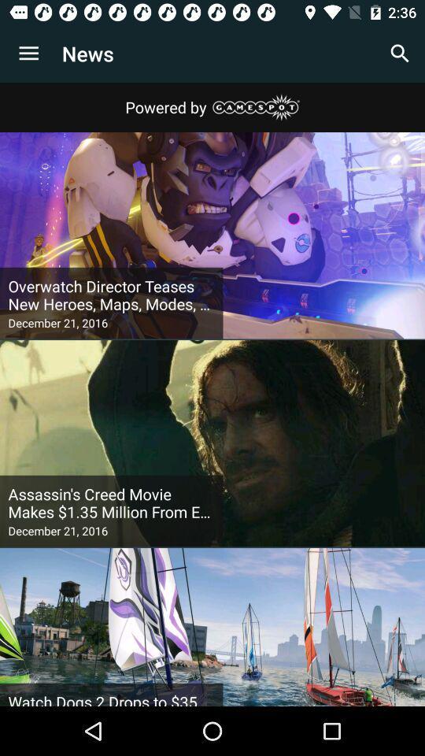 The image size is (425, 756). Describe the element at coordinates (110, 502) in the screenshot. I see `the assassin s creed icon` at that location.